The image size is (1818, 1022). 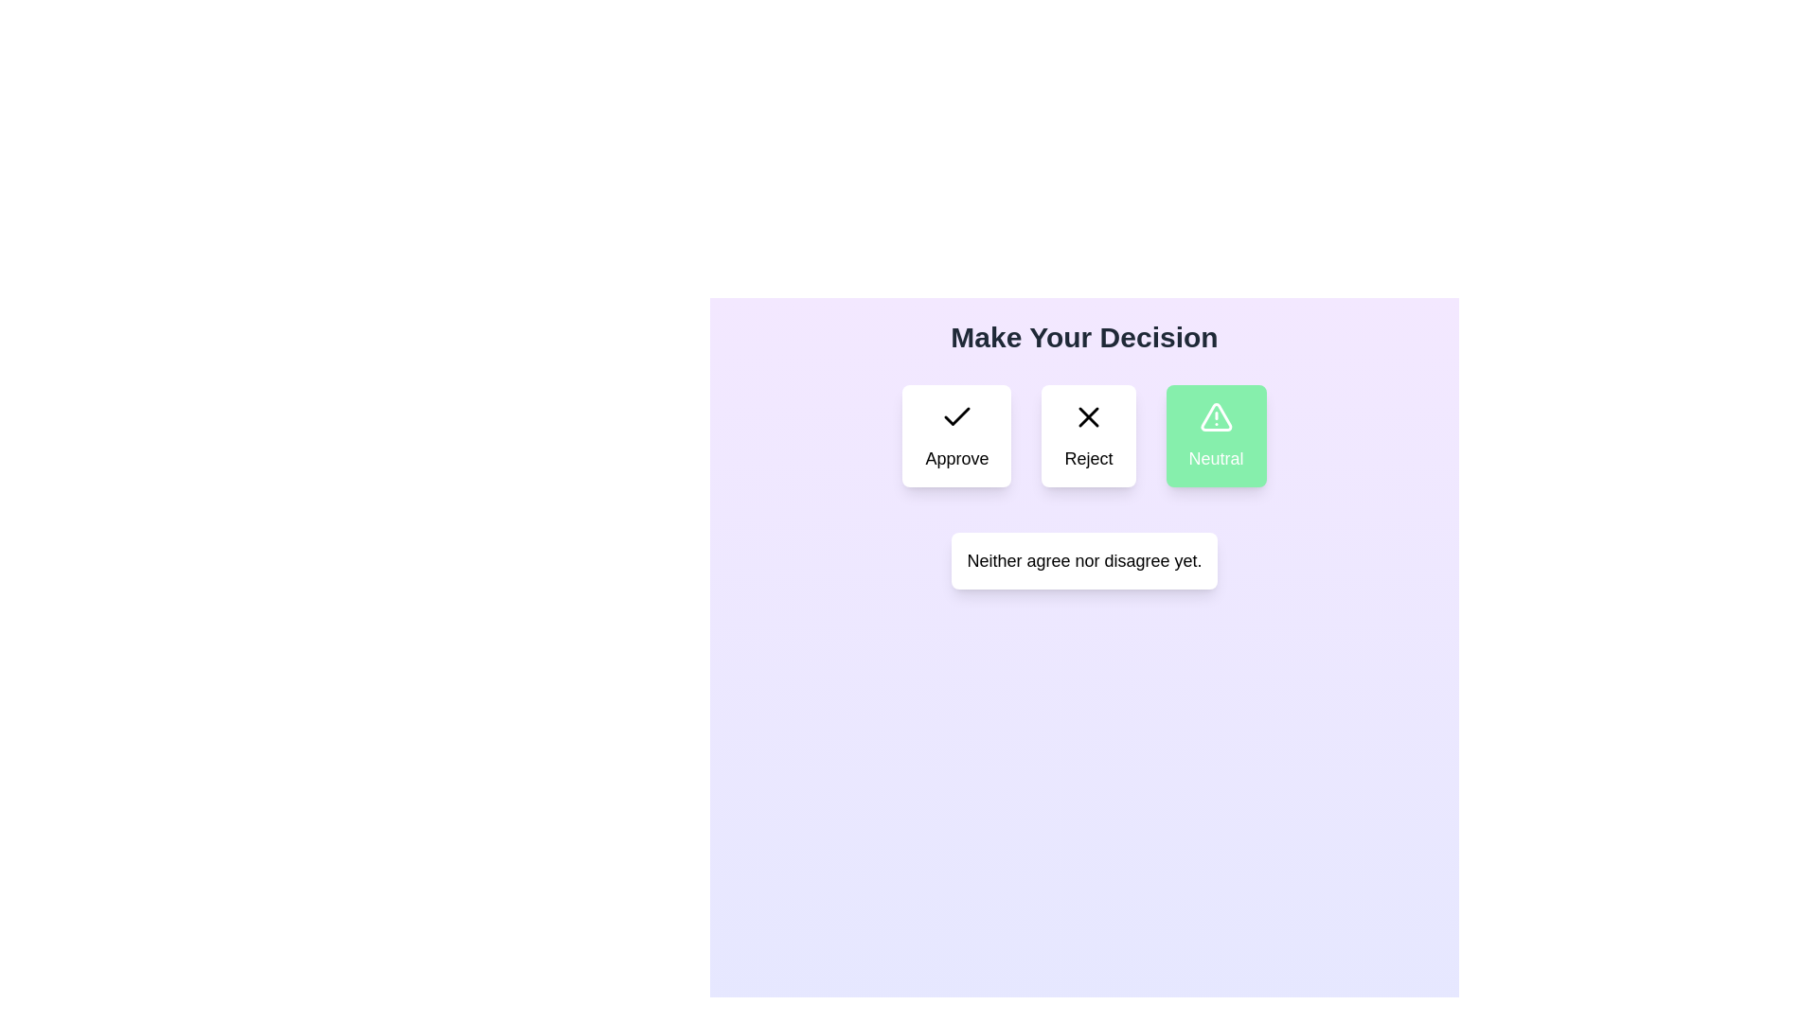 I want to click on the Reject button to select the corresponding decision, so click(x=1089, y=436).